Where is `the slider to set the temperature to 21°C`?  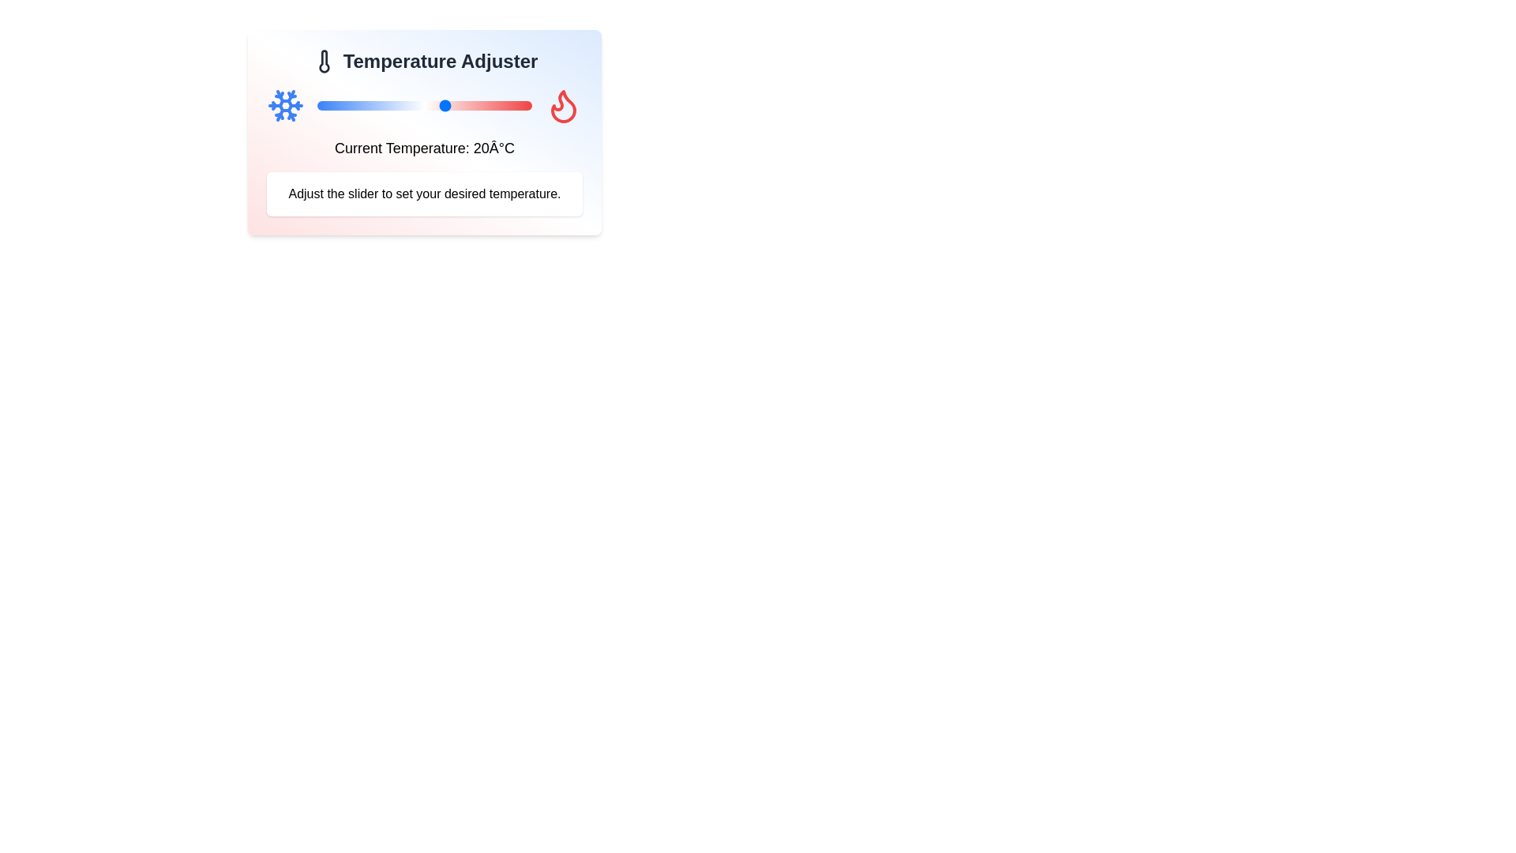
the slider to set the temperature to 21°C is located at coordinates (449, 106).